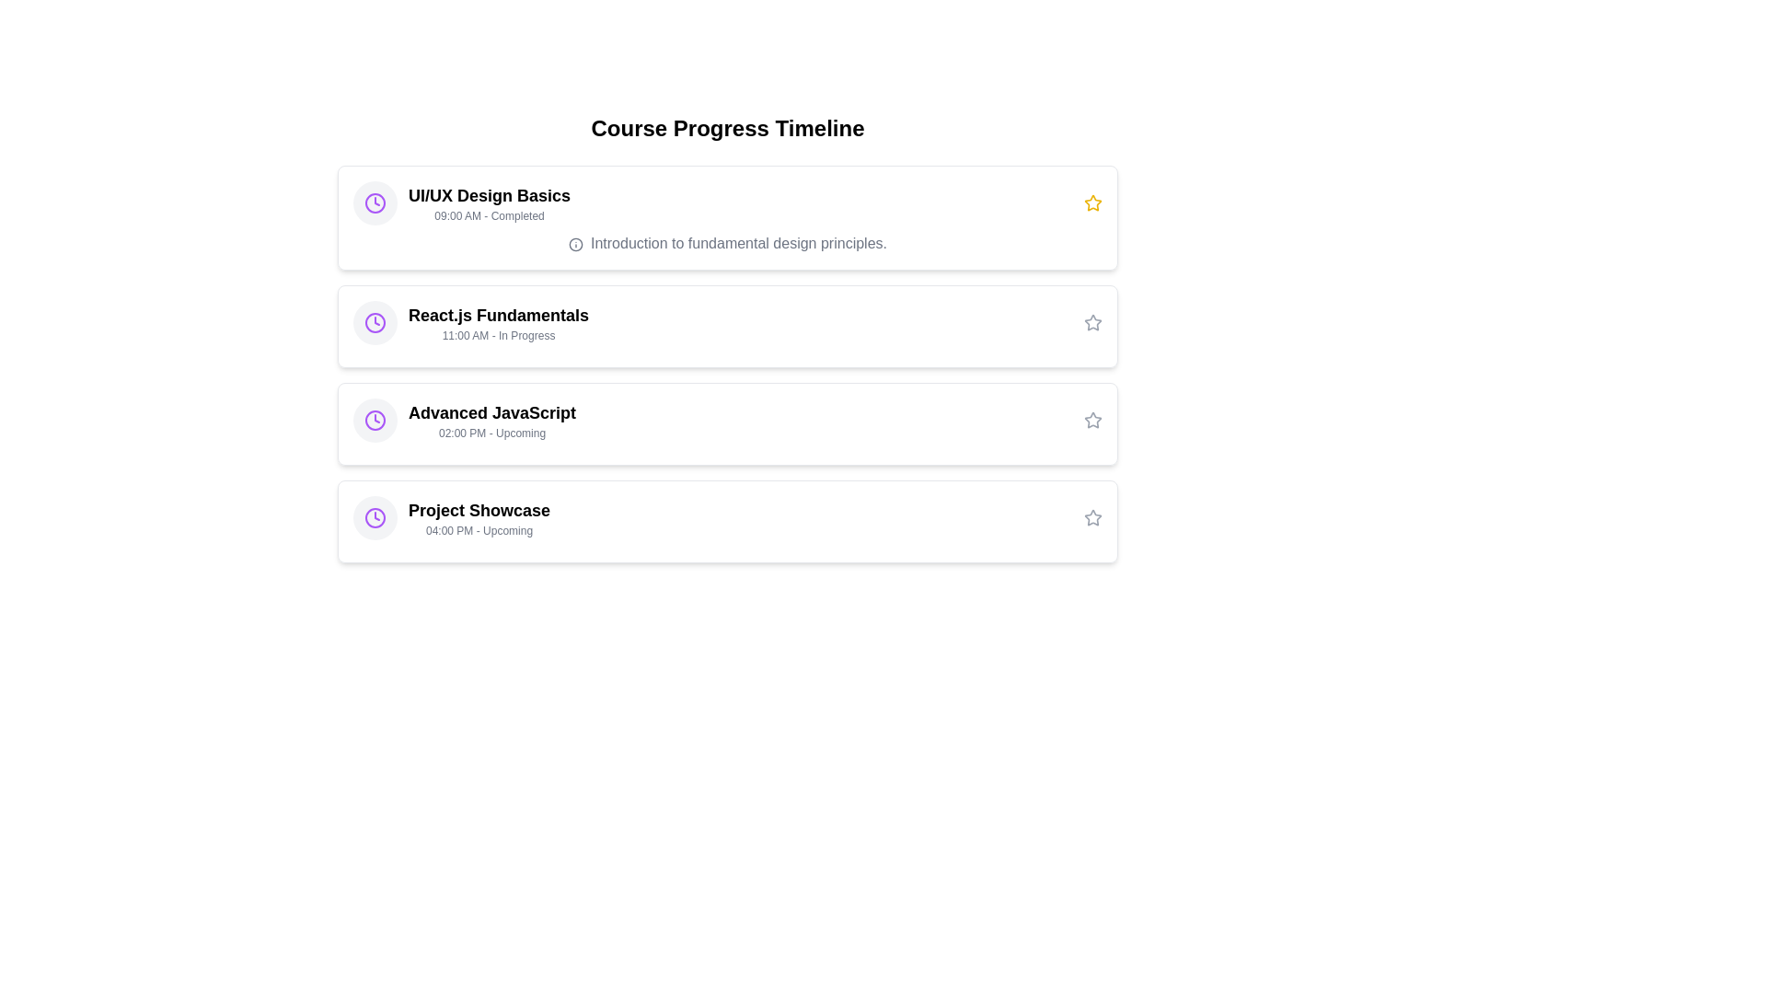 The width and height of the screenshot is (1767, 994). I want to click on the Text Display element that shows 'React.js Fundamentals' and '11:00 AM - In Progress', which is the second item in the course list, so click(499, 322).